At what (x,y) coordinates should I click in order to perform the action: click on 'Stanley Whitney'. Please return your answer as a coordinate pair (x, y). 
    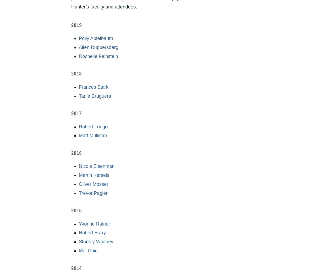
    Looking at the image, I should click on (96, 242).